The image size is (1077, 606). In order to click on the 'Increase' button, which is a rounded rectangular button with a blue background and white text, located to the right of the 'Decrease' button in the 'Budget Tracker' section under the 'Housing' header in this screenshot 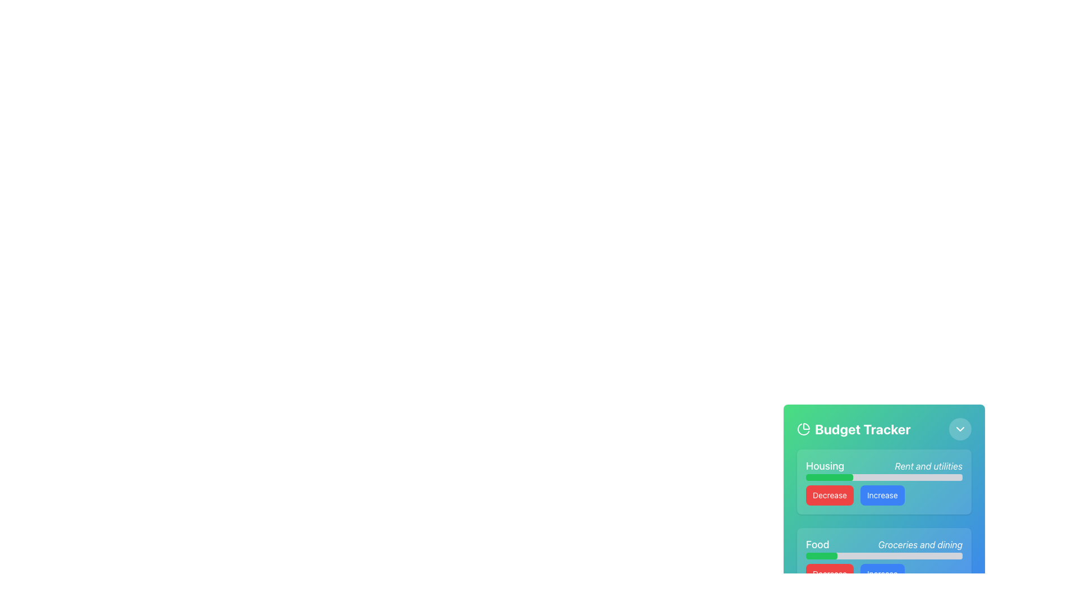, I will do `click(882, 573)`.